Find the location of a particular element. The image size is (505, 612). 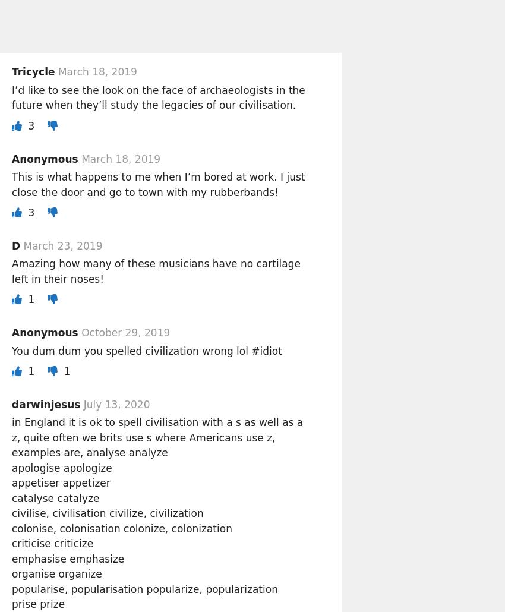

'You dum dum you spelled civilization wrong lol #idiot' is located at coordinates (147, 350).